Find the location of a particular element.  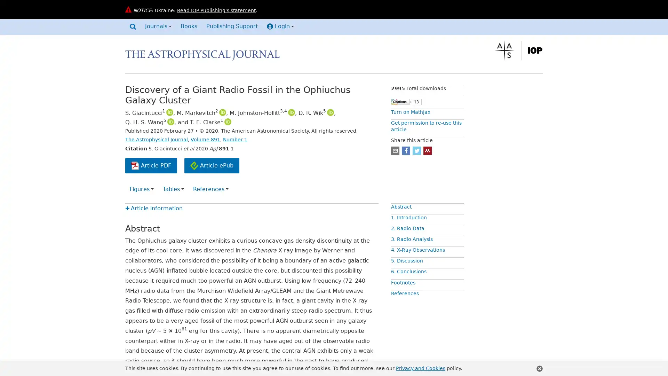

The American Astronomical Society, find out more is located at coordinates (504, 51).